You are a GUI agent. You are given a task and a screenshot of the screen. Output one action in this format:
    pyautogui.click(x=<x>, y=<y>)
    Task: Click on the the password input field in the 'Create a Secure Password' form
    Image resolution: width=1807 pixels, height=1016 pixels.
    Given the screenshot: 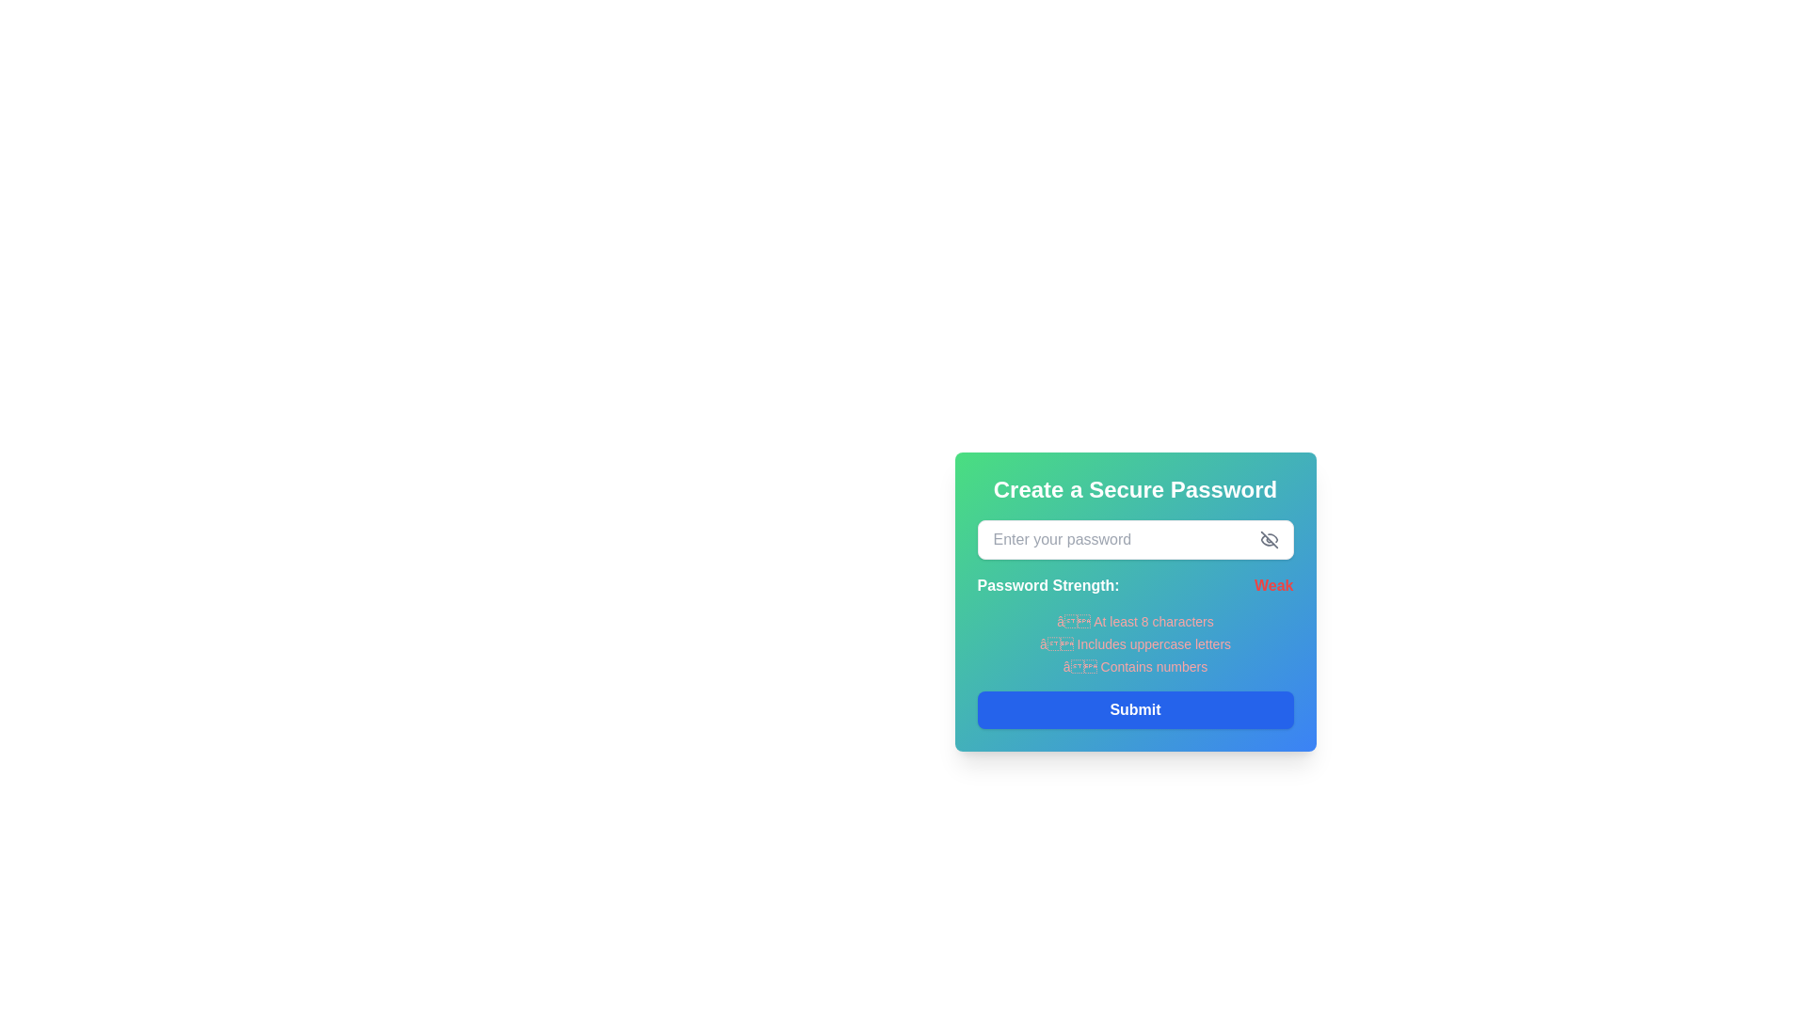 What is the action you would take?
    pyautogui.click(x=1134, y=540)
    